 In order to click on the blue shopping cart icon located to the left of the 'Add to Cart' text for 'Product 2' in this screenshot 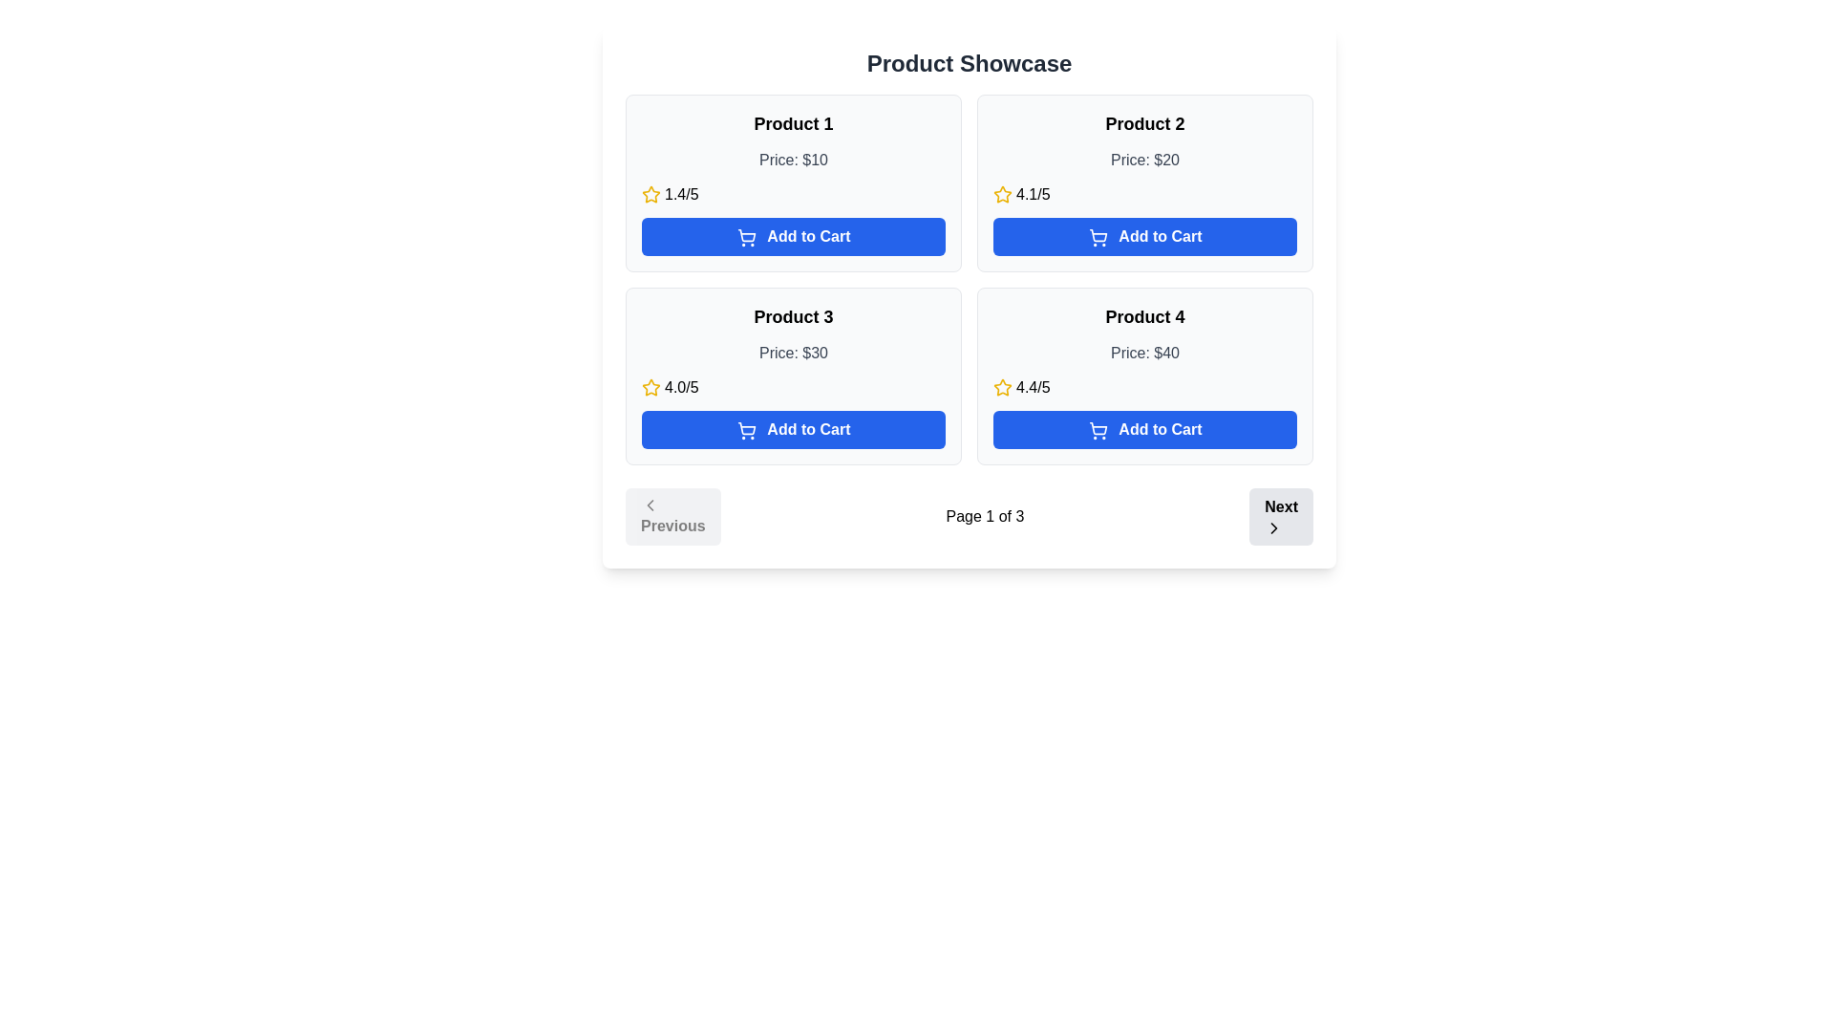, I will do `click(1098, 234)`.